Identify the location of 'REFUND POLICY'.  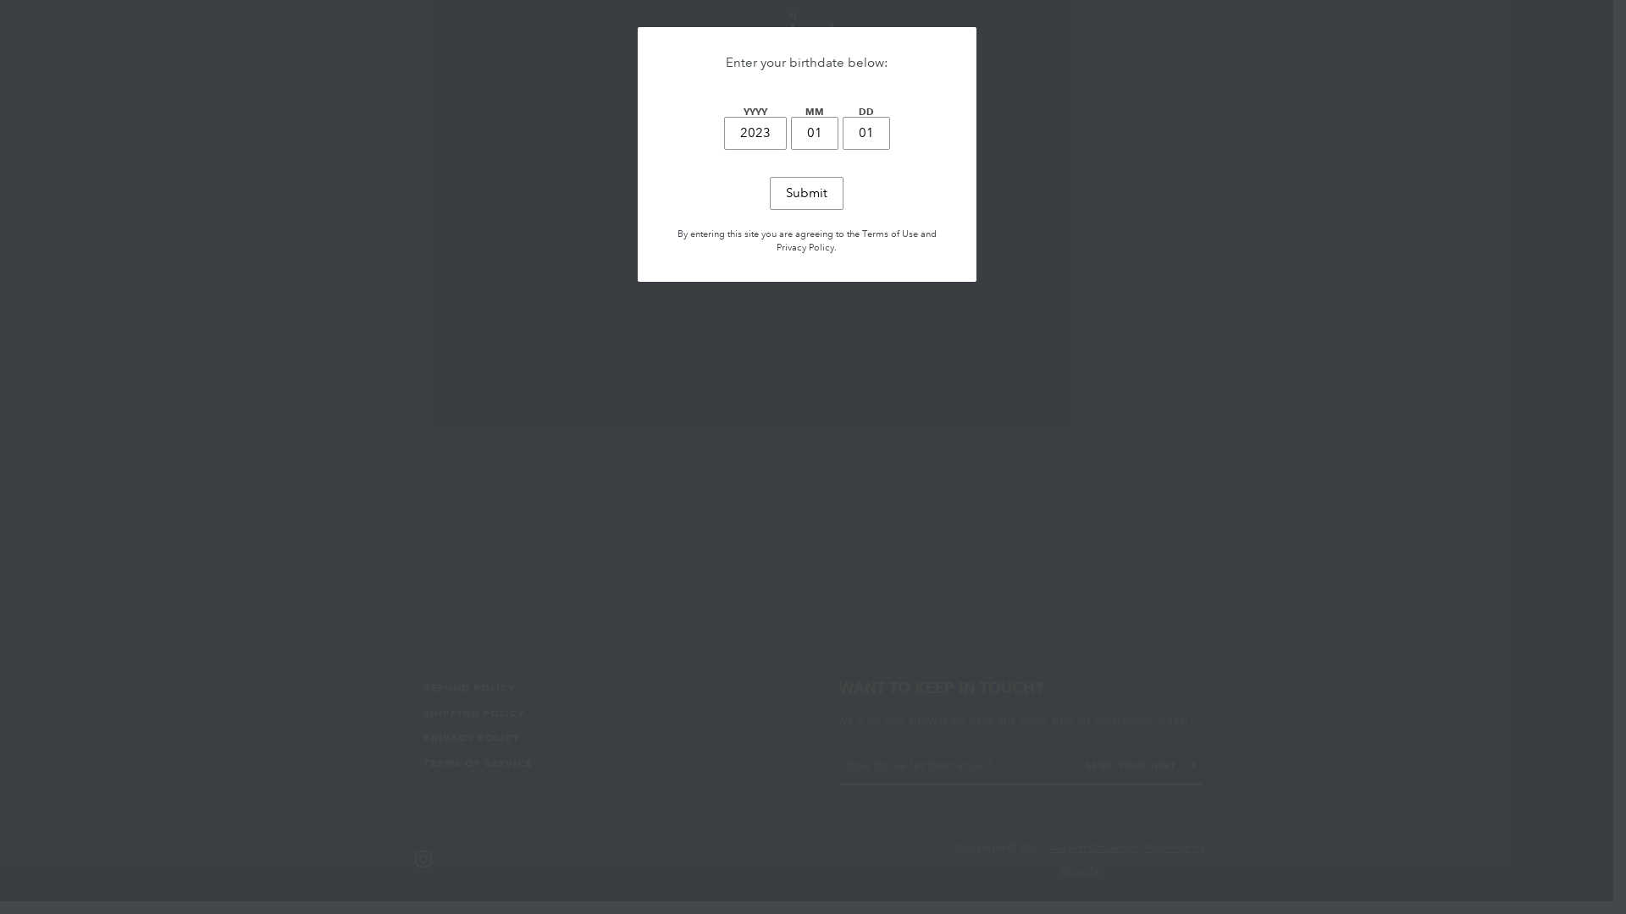
(469, 687).